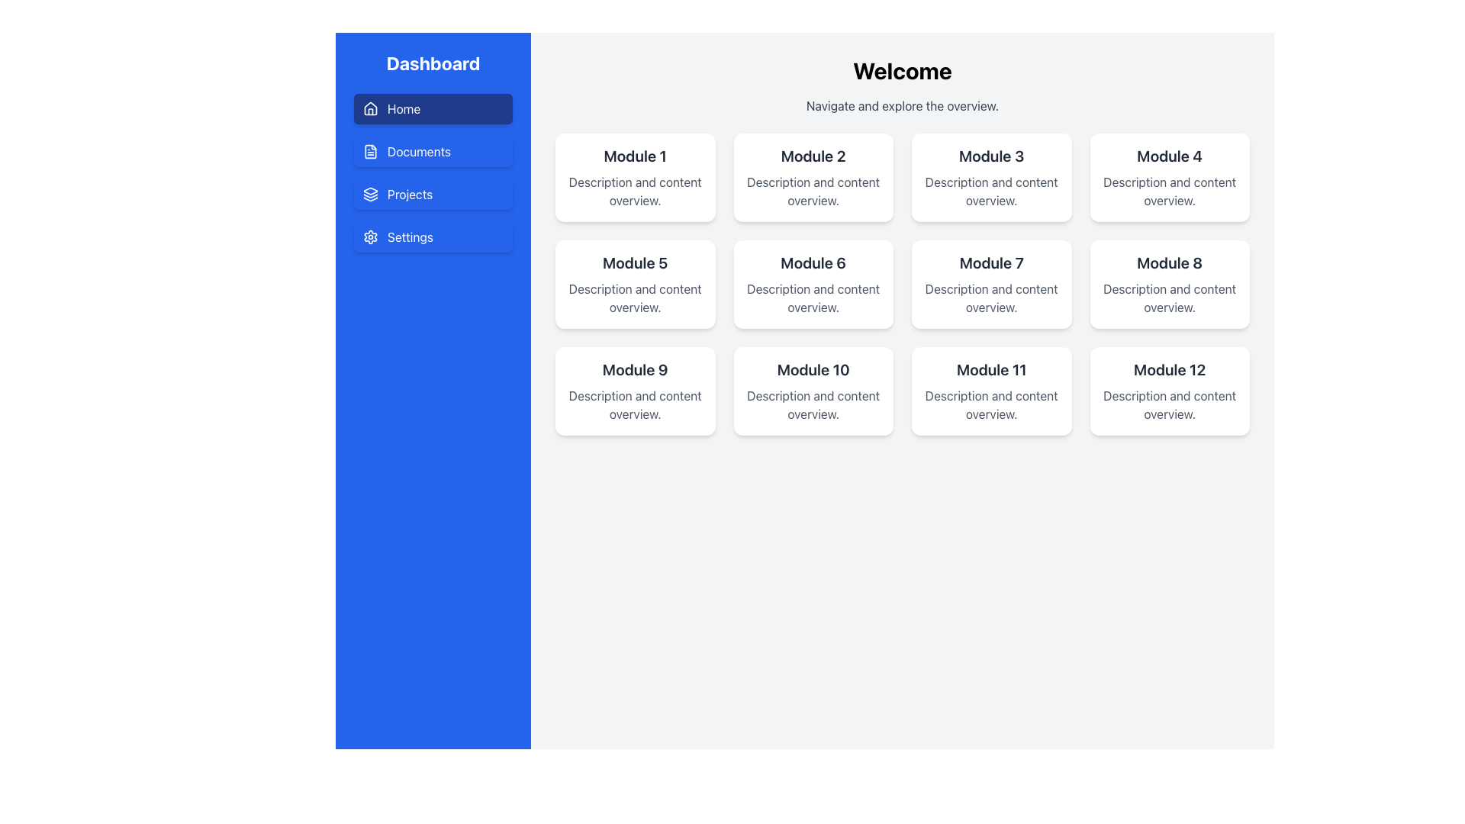 This screenshot has height=824, width=1465. I want to click on text label that says 'Module 2', which is a large and bold header styled in dark gray against a white background, located in the second position of the top row of a grid of cards, so click(813, 156).